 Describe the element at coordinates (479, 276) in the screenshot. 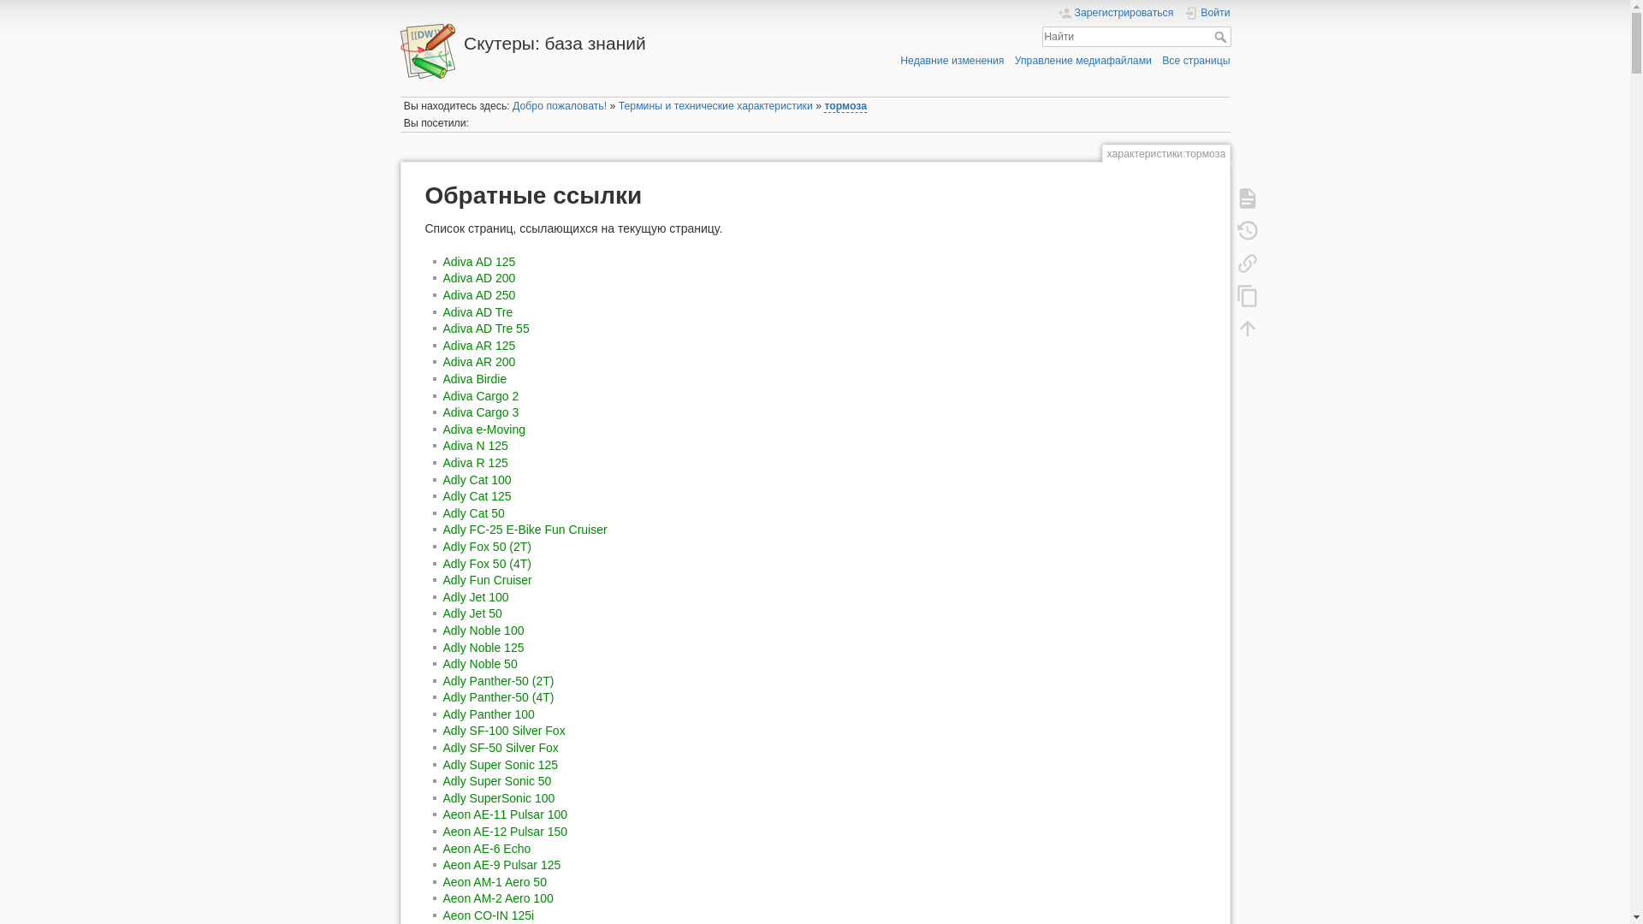

I see `'Adiva AD 200'` at that location.